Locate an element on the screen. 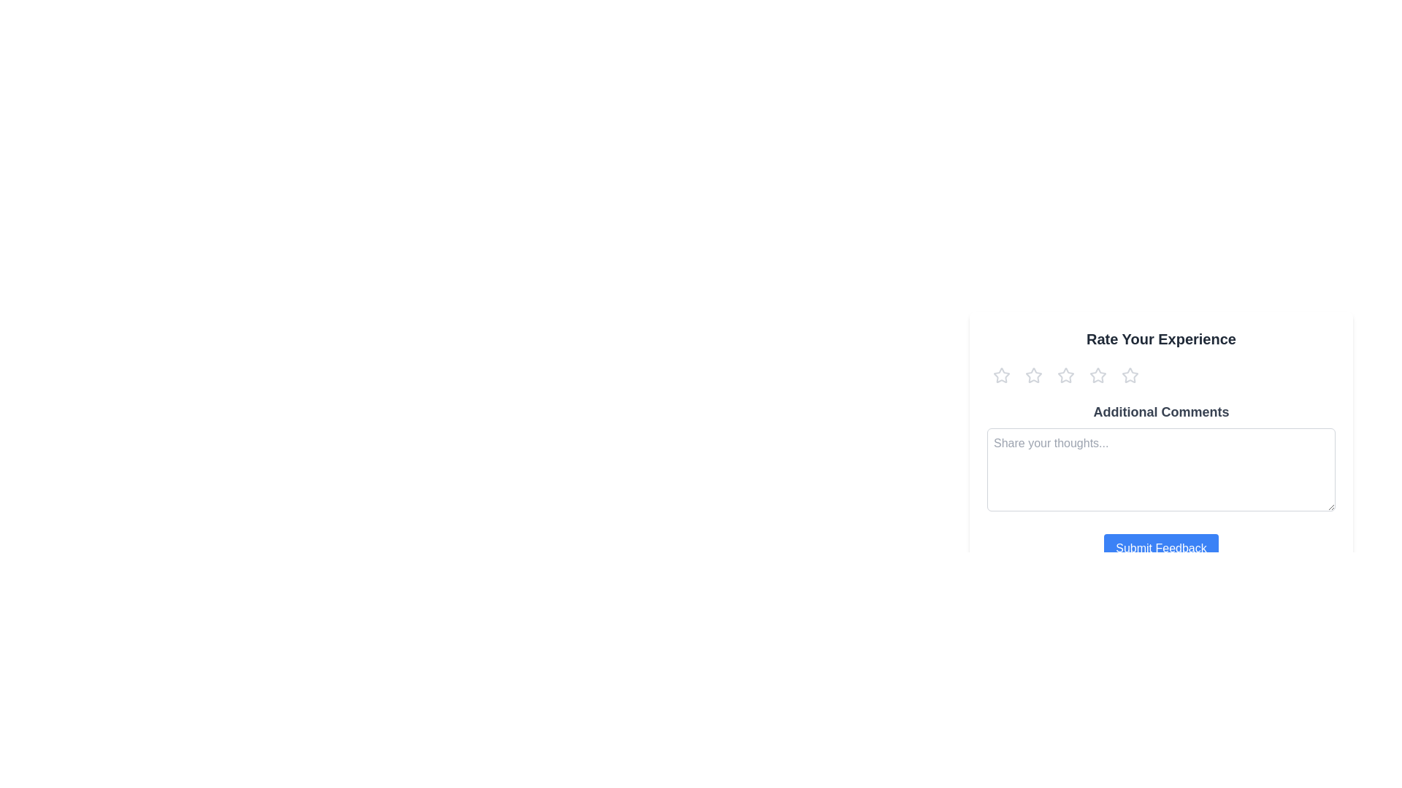 Image resolution: width=1402 pixels, height=788 pixels. the second star icon in the Interactive Star Rating system is located at coordinates (1065, 375).